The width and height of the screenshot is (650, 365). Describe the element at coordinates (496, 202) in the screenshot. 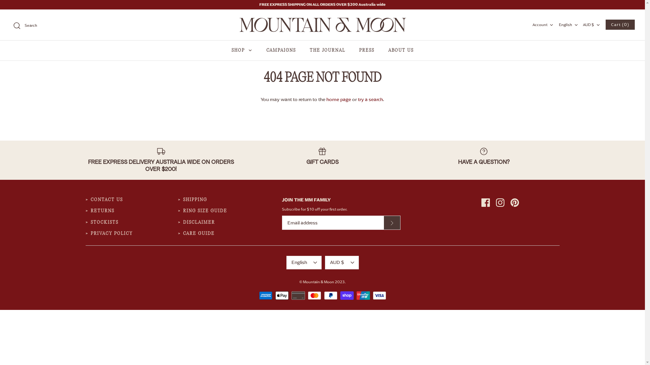

I see `'Instagram'` at that location.